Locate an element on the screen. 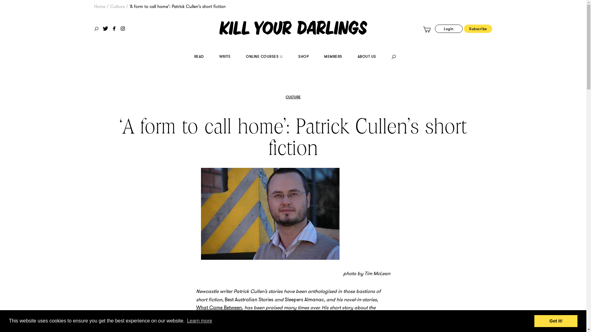  'SHOP' is located at coordinates (303, 57).